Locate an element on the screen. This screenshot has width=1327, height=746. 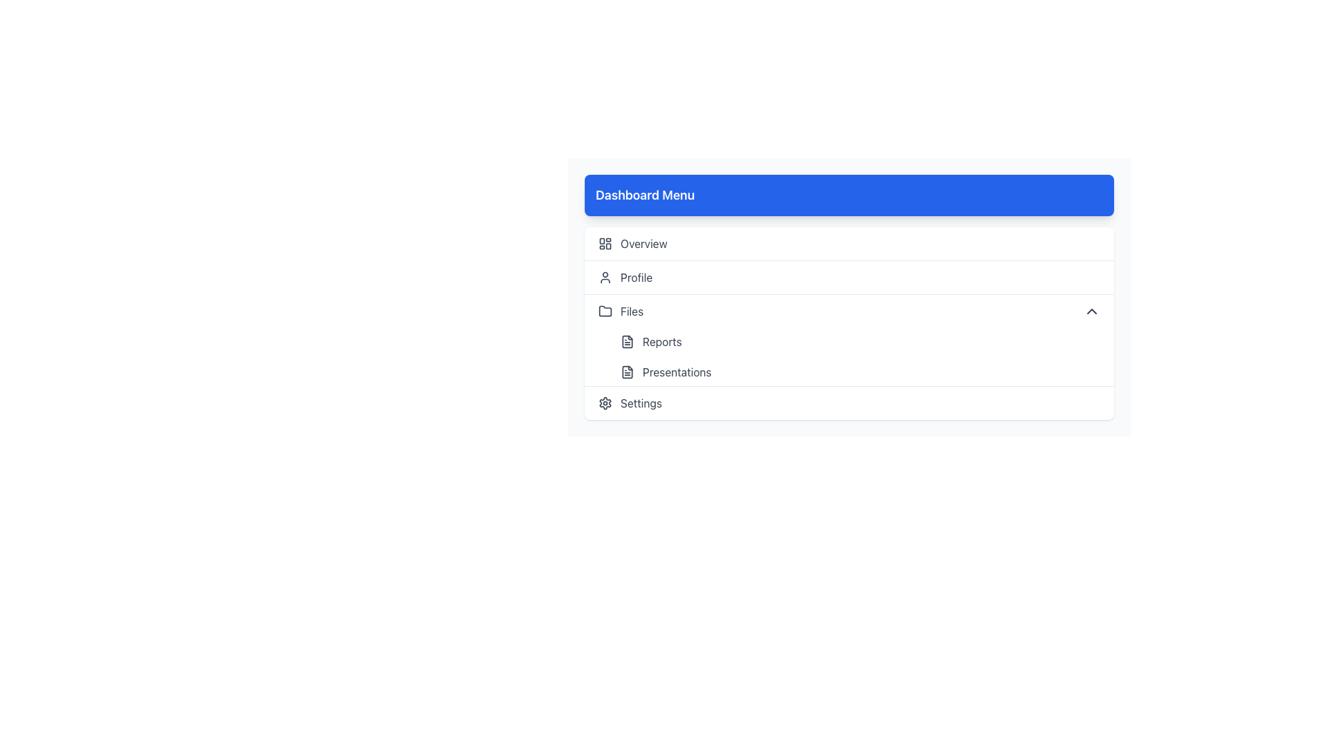
the small folder icon next to the 'Files' label in the vertical menu is located at coordinates (605, 311).